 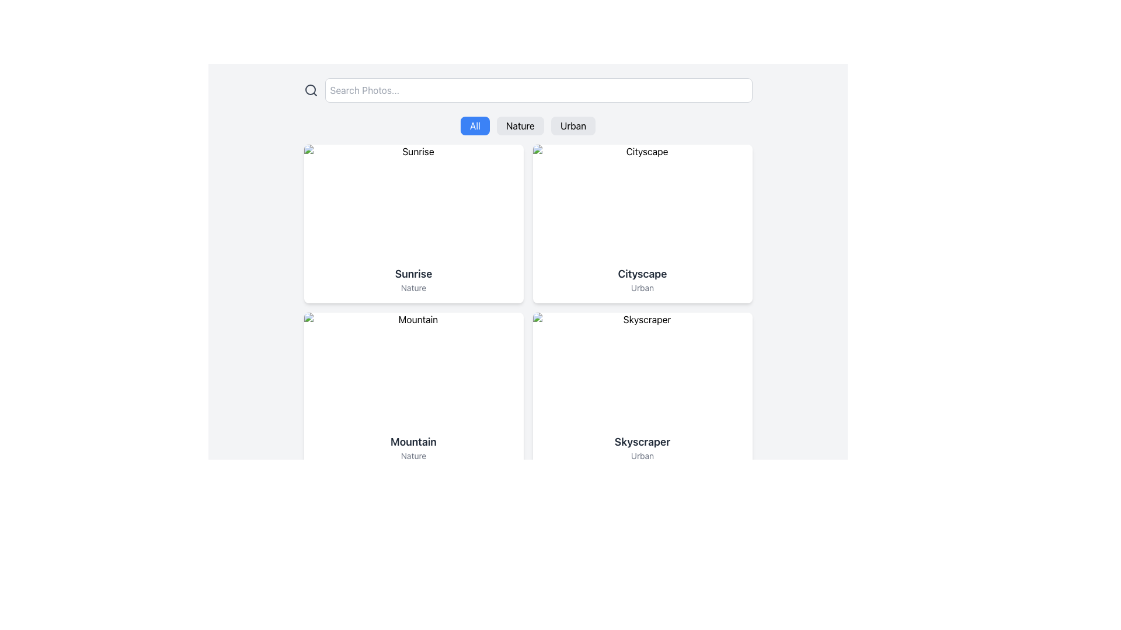 I want to click on the 'Urban' filter button, the third button in a horizontal group of three buttons labeled 'All', 'Nature', and 'Urban', located just below the search bar, so click(x=573, y=126).